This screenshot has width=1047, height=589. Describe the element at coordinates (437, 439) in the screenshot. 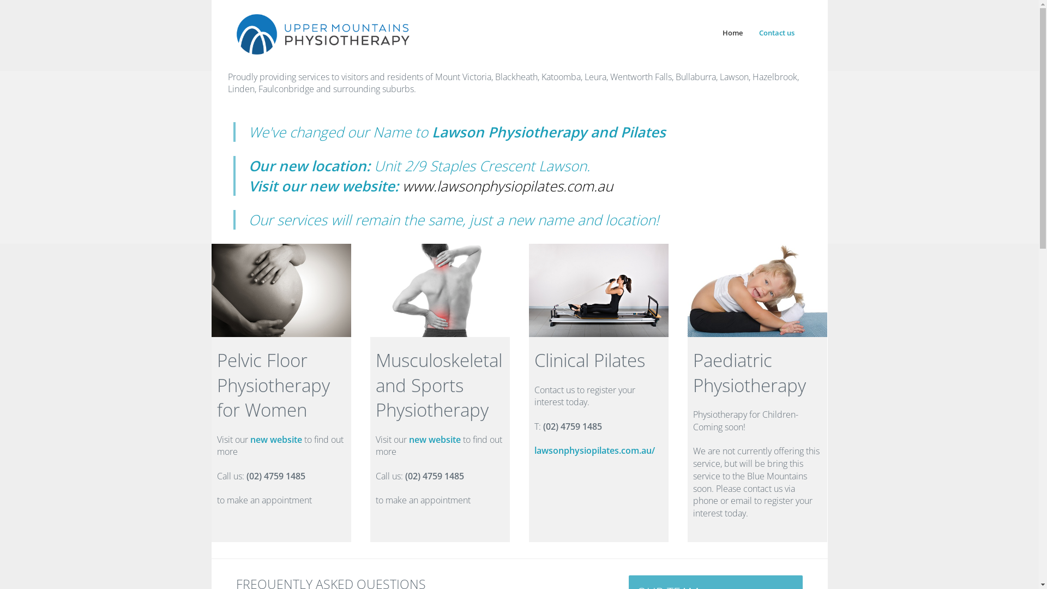

I see `'new website t'` at that location.